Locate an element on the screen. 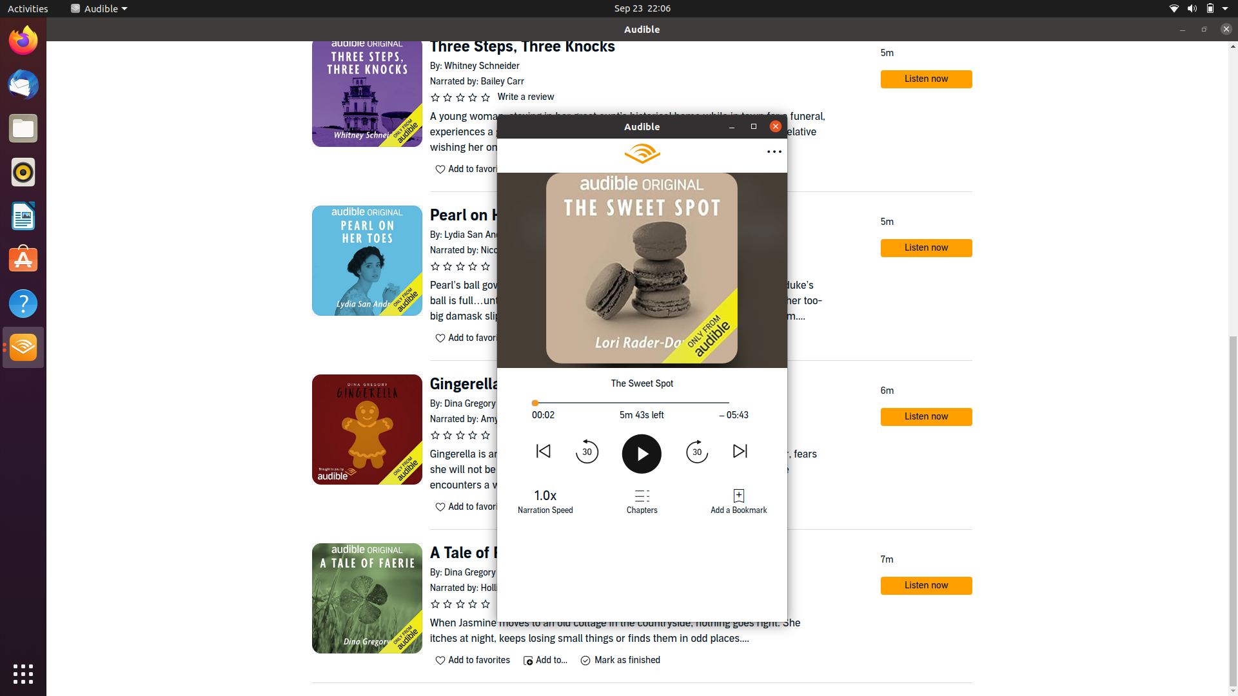 The image size is (1238, 696). the midpoint of the book is located at coordinates (640, 402).